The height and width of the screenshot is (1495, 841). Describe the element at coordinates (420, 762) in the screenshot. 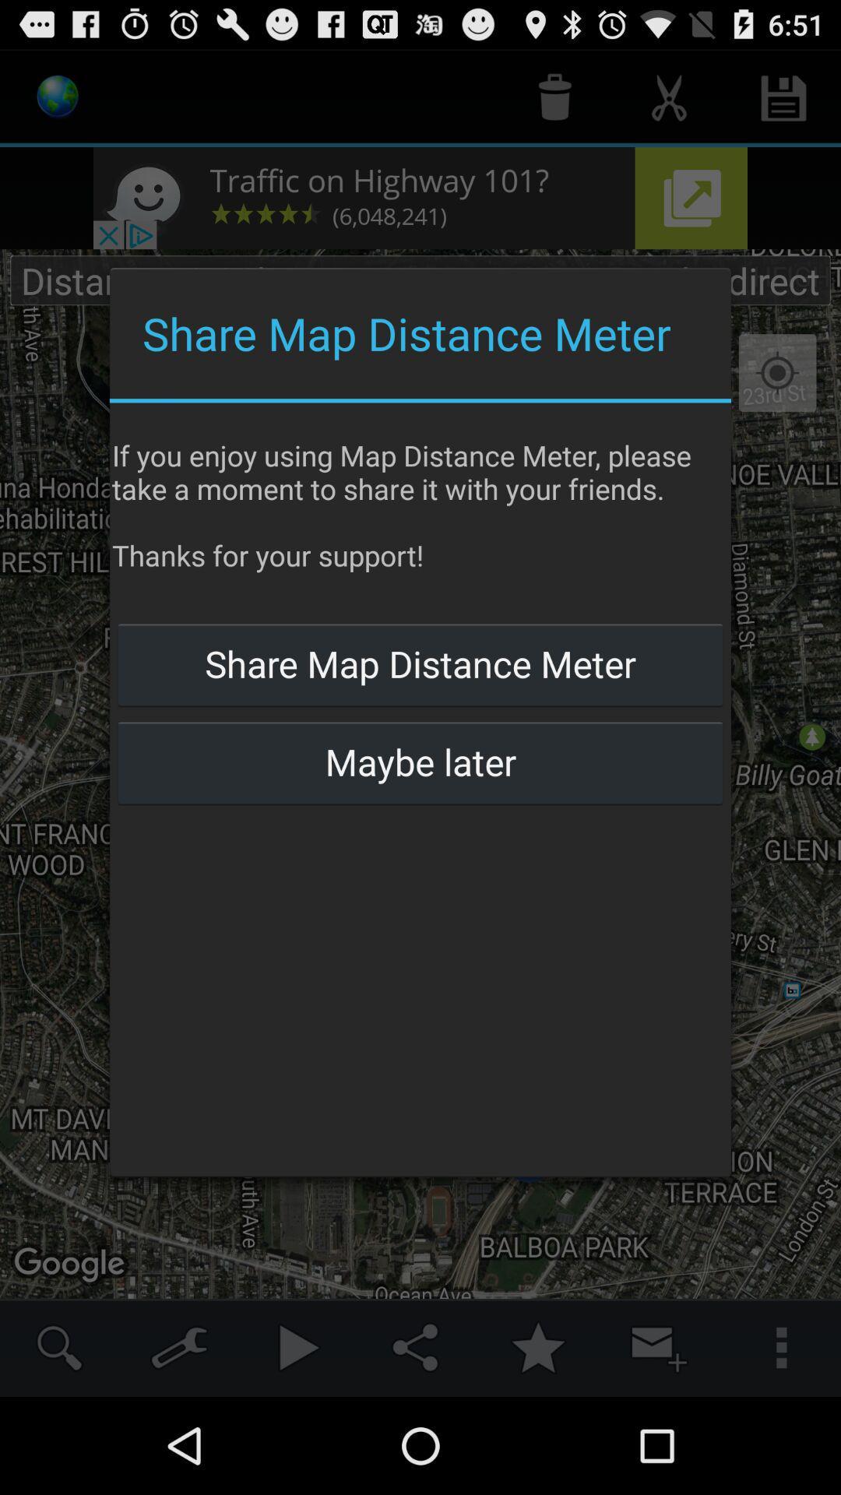

I see `icon below the share map distance button` at that location.